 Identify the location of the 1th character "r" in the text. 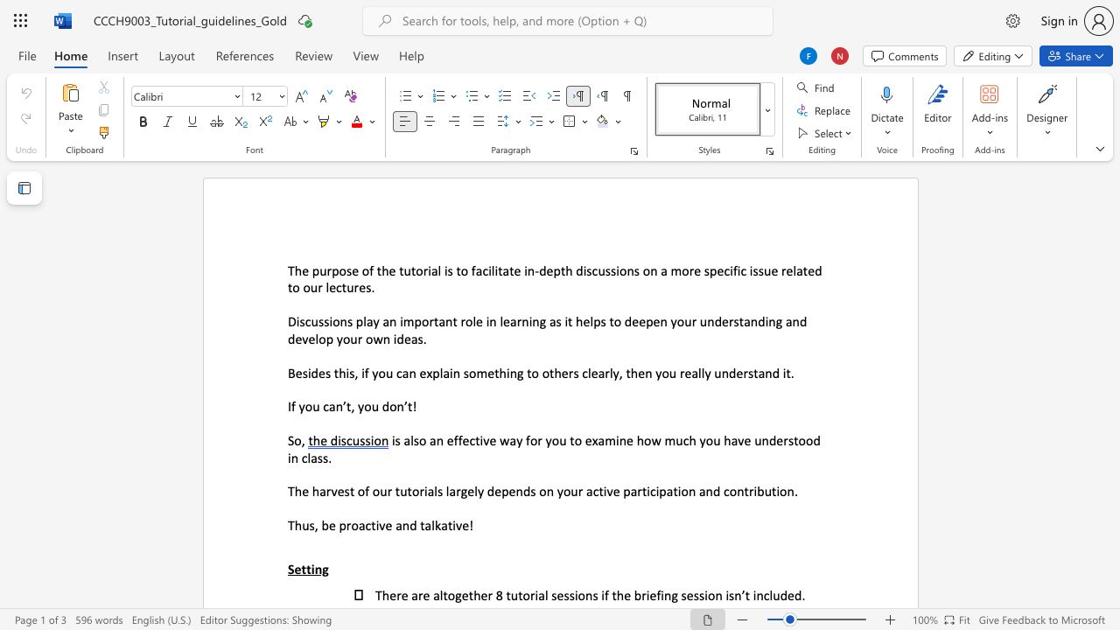
(570, 372).